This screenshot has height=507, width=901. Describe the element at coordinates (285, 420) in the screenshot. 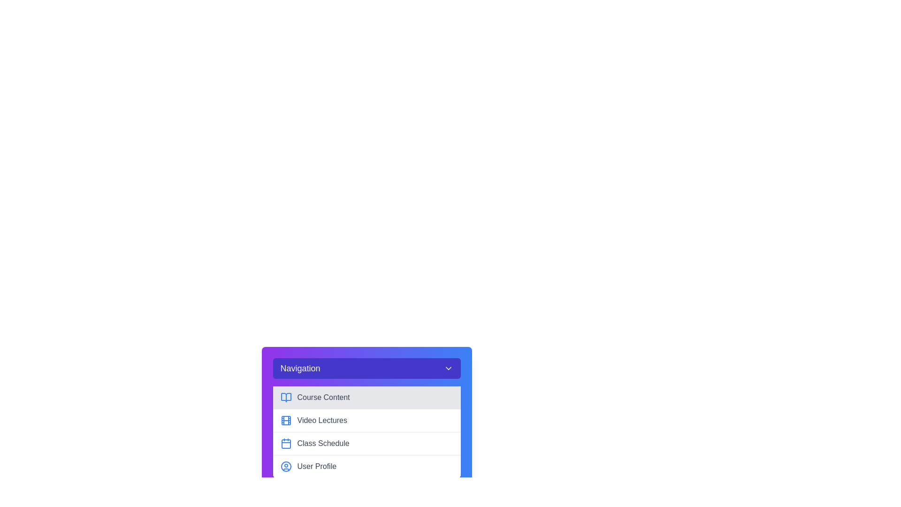

I see `the film strip icon in the navigation menu` at that location.